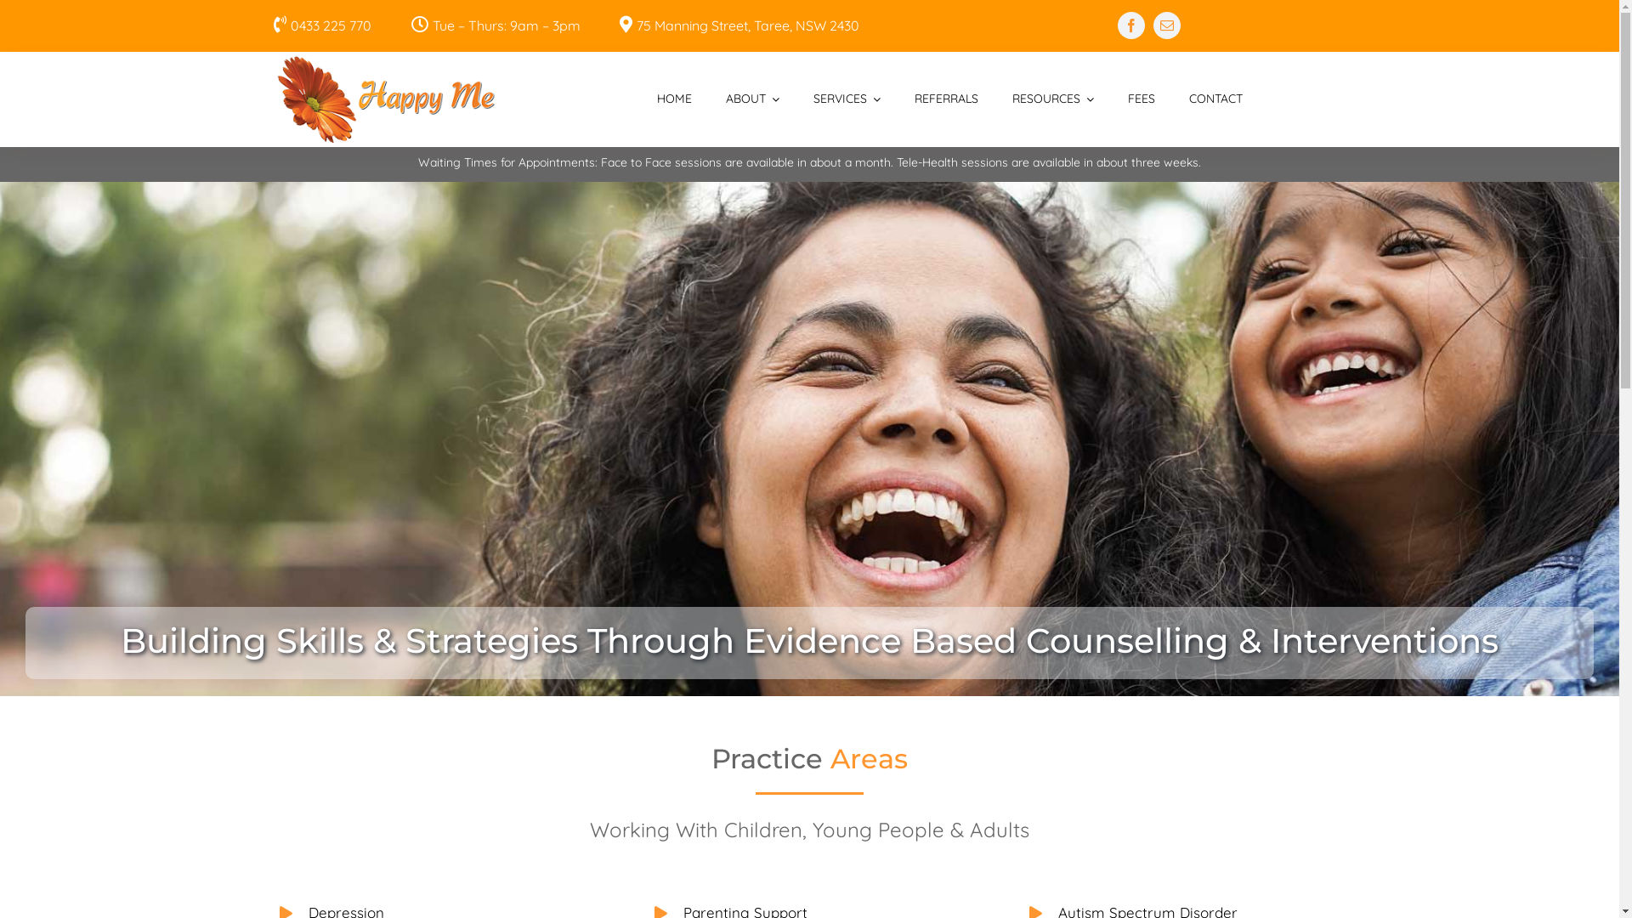 The width and height of the screenshot is (1632, 918). What do you see at coordinates (945, 99) in the screenshot?
I see `'REFERRALS'` at bounding box center [945, 99].